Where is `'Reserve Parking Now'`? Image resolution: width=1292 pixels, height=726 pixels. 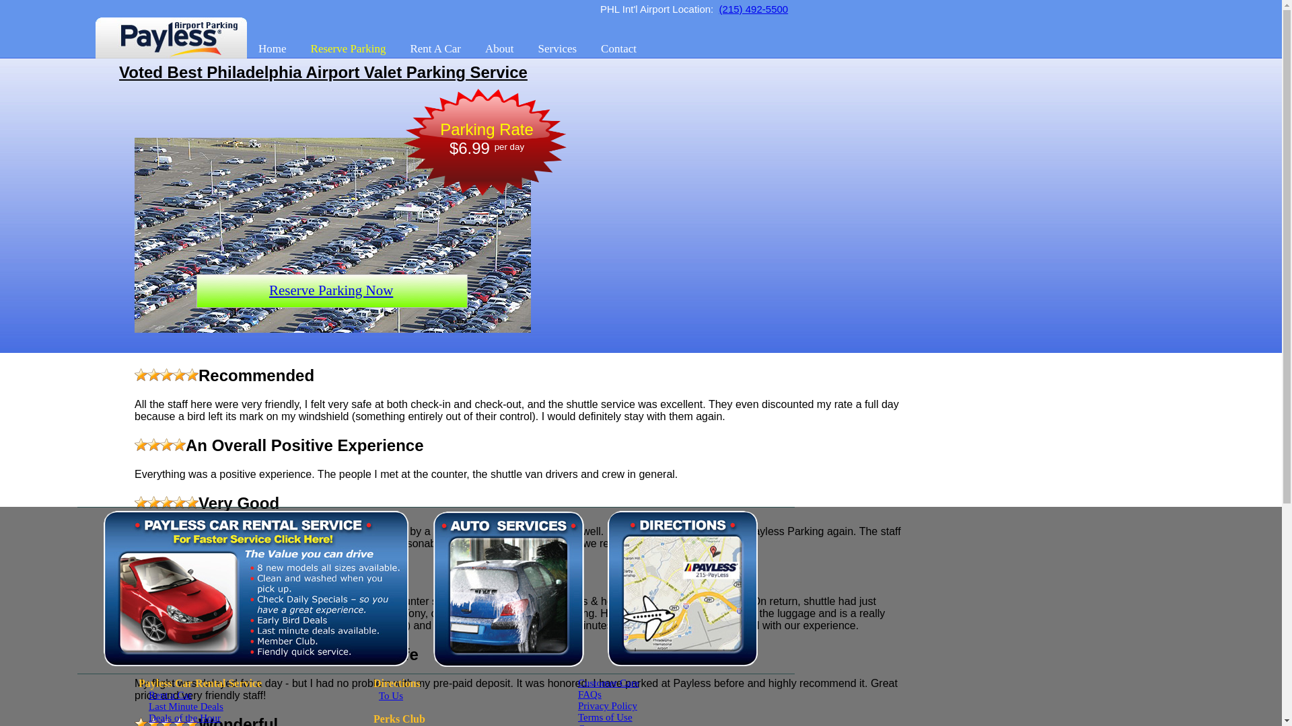 'Reserve Parking Now' is located at coordinates (330, 290).